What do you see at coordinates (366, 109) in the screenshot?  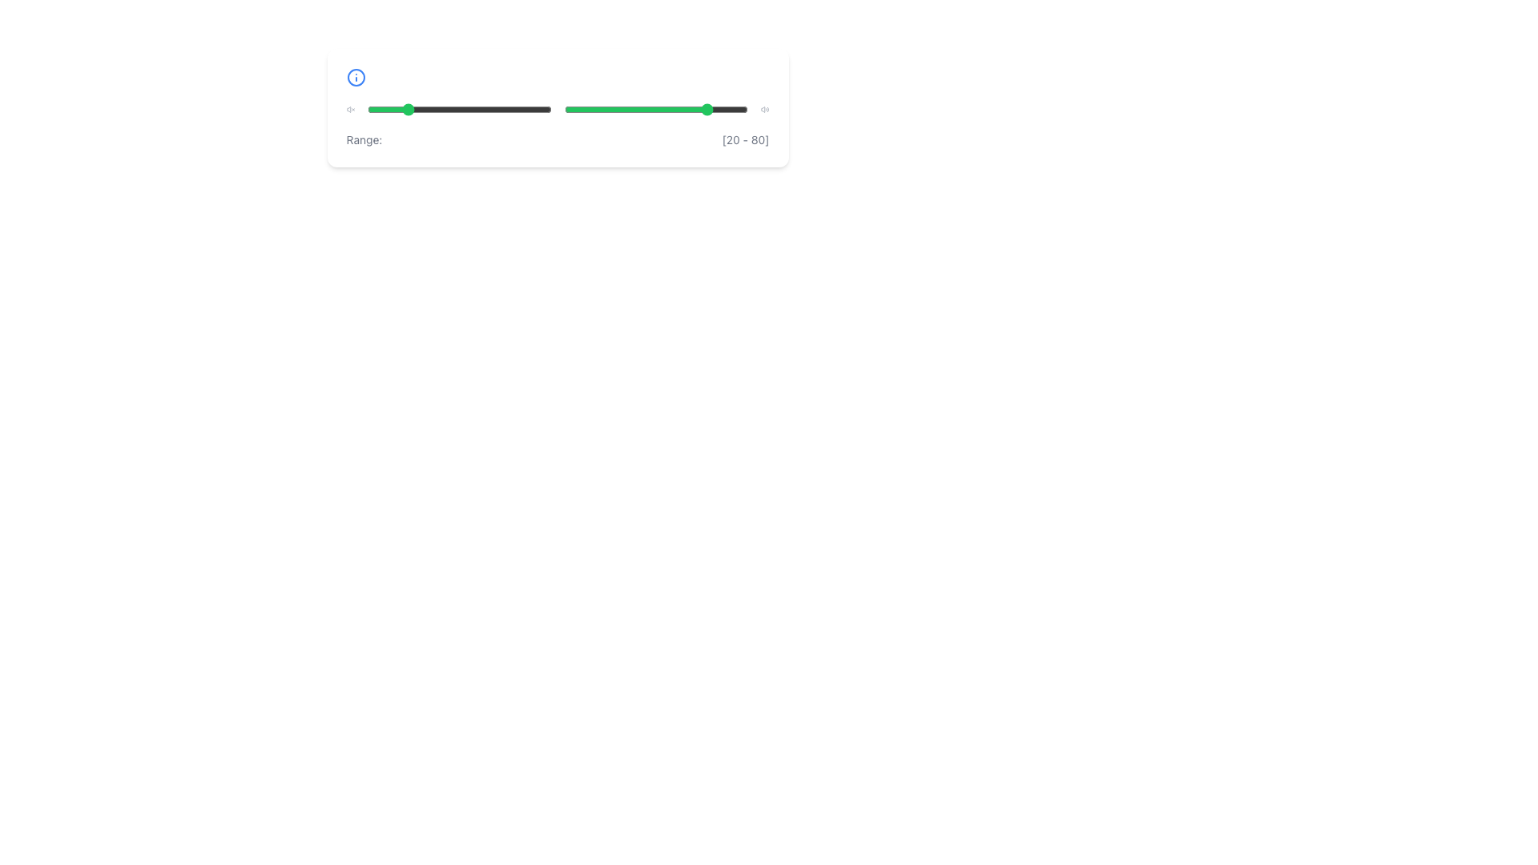 I see `the slider` at bounding box center [366, 109].